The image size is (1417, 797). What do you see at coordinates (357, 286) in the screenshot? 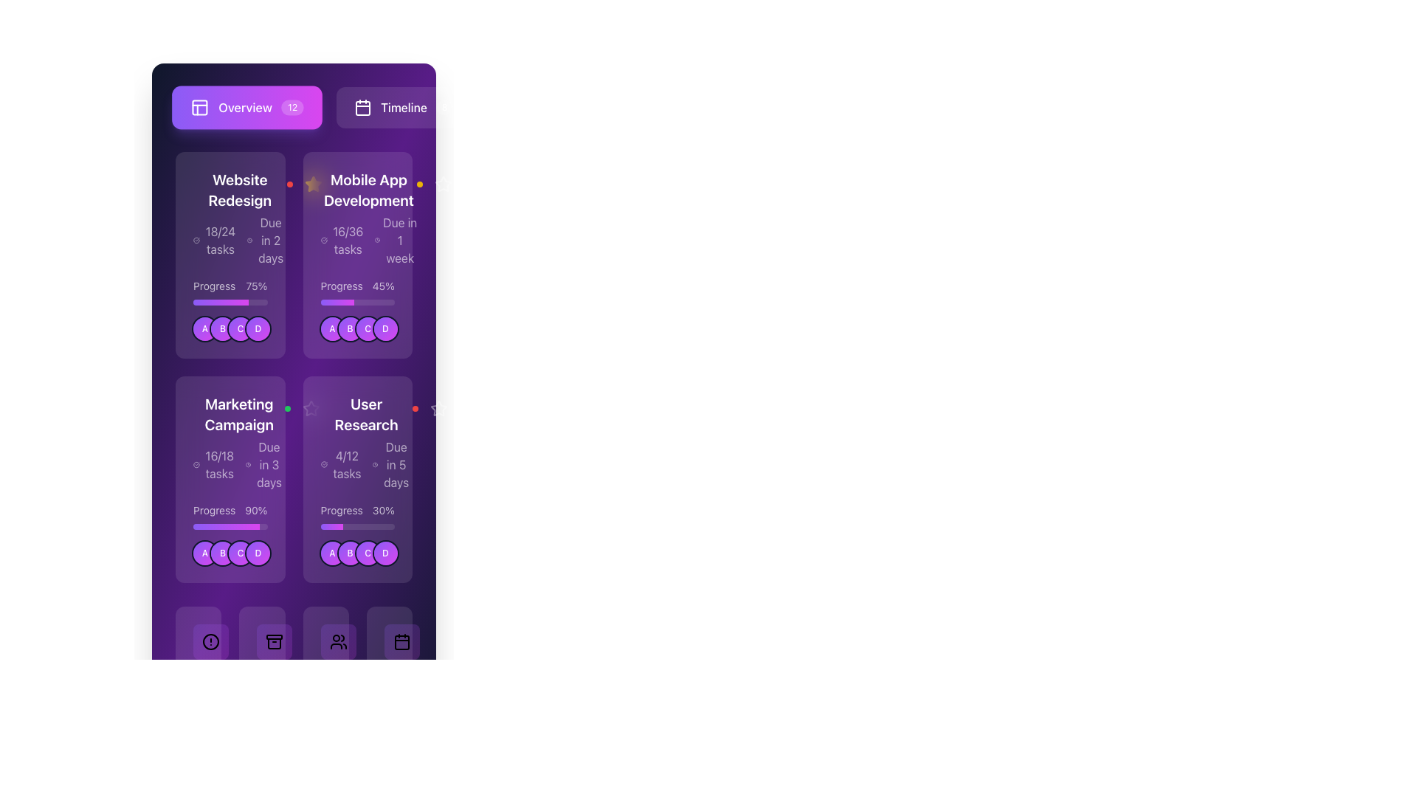
I see `the text label displaying 'Progress 45%' located in the middle section of the 'Mobile App Development' card, positioned above the progress bar` at bounding box center [357, 286].